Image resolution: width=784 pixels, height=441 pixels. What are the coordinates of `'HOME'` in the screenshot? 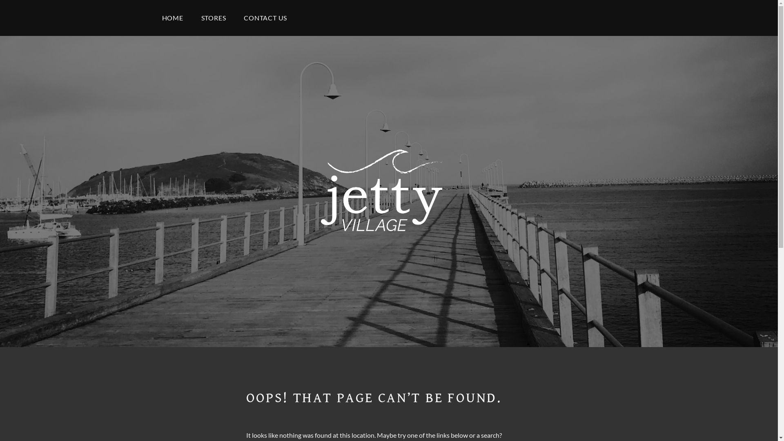 It's located at (172, 18).